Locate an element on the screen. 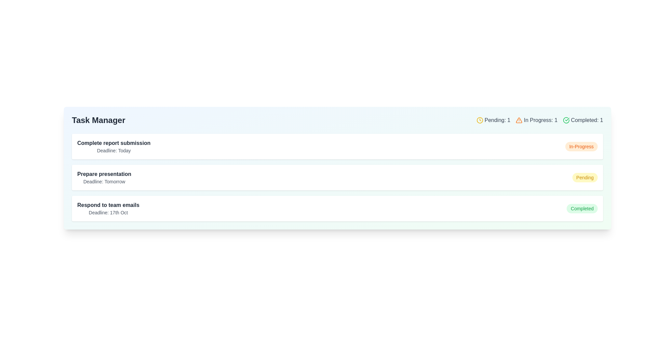  the 'Pending' state icon, represented by a clock is located at coordinates (479, 120).